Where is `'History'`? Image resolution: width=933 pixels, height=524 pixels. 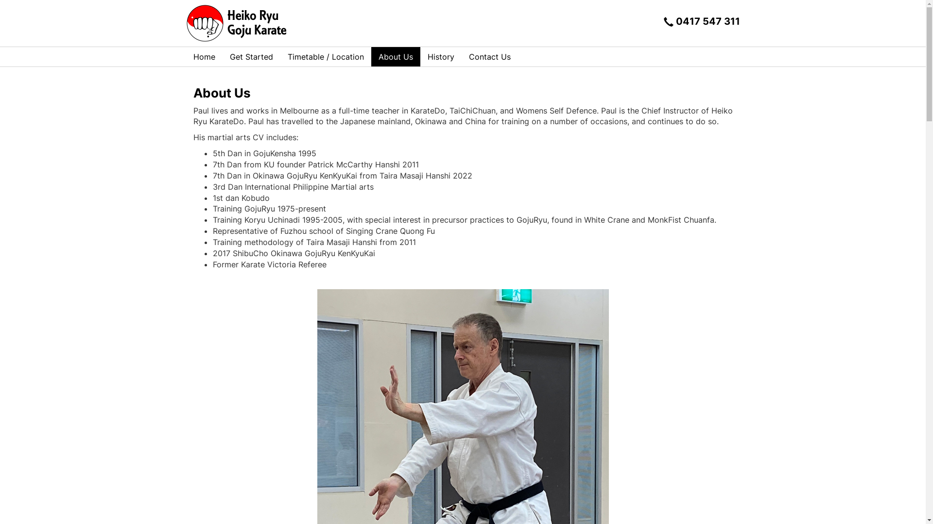 'History' is located at coordinates (440, 56).